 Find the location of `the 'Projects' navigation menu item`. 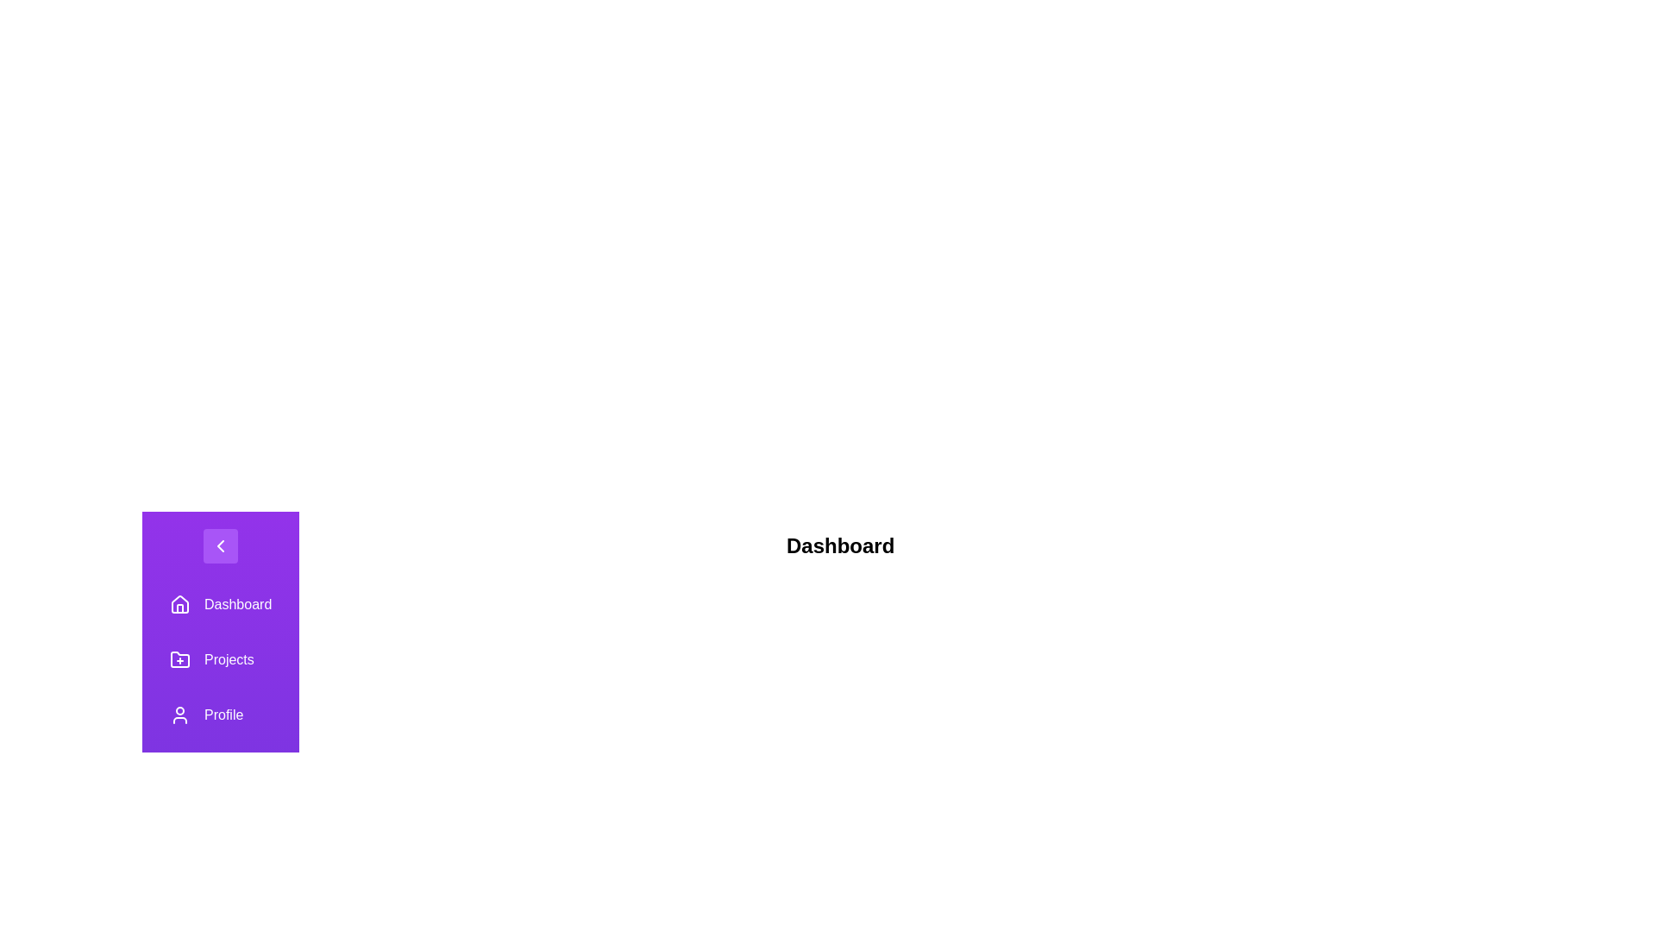

the 'Projects' navigation menu item is located at coordinates (220, 659).